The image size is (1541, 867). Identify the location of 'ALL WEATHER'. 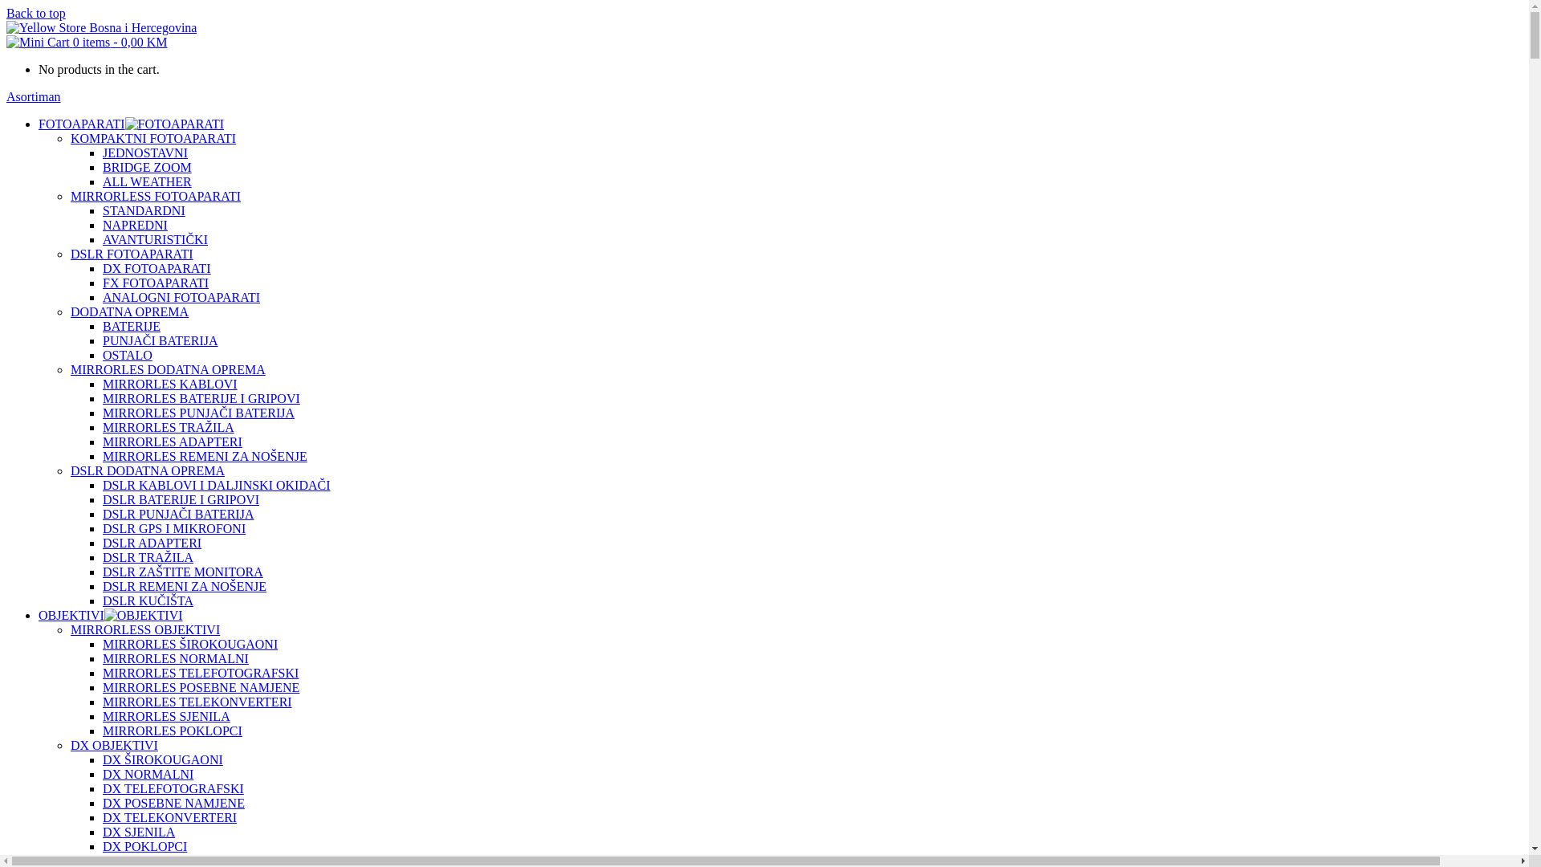
(147, 181).